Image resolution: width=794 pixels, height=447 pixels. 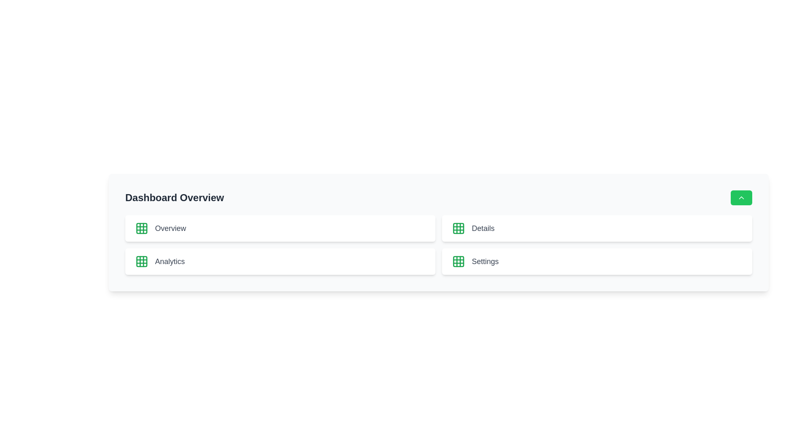 What do you see at coordinates (597, 228) in the screenshot?
I see `the navigation button located in the top right cell of the grid layout` at bounding box center [597, 228].